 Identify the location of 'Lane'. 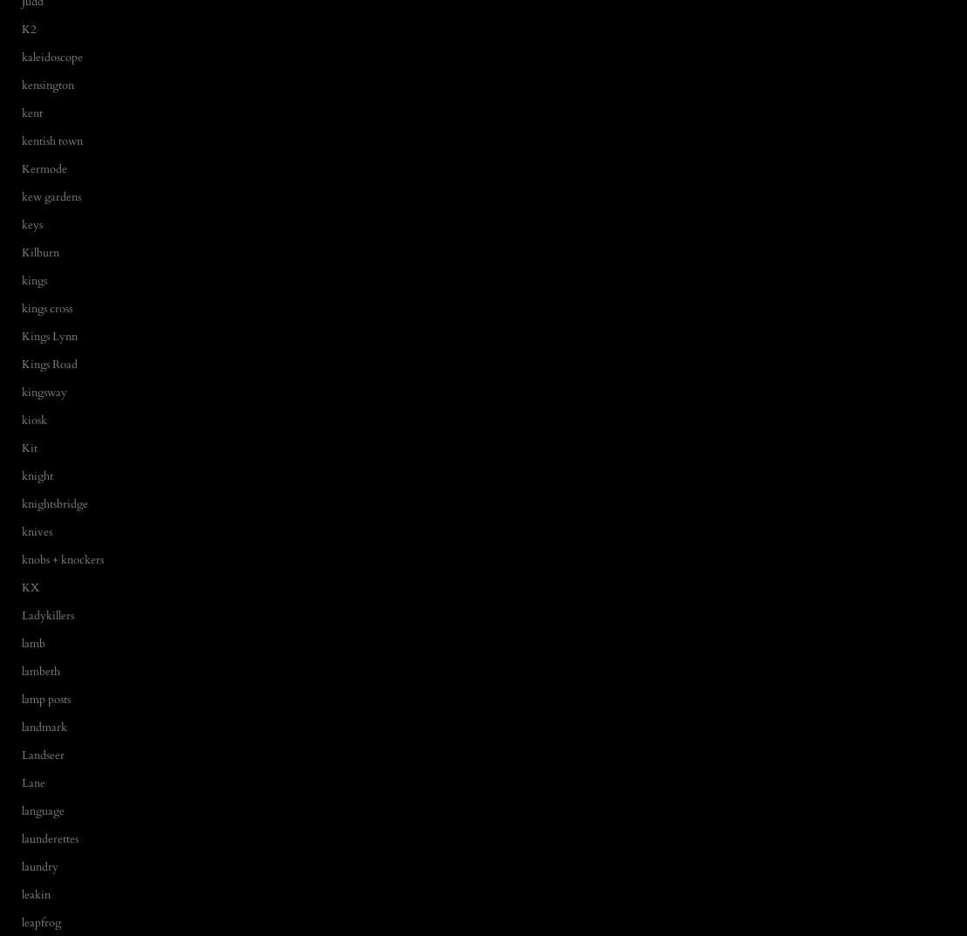
(33, 782).